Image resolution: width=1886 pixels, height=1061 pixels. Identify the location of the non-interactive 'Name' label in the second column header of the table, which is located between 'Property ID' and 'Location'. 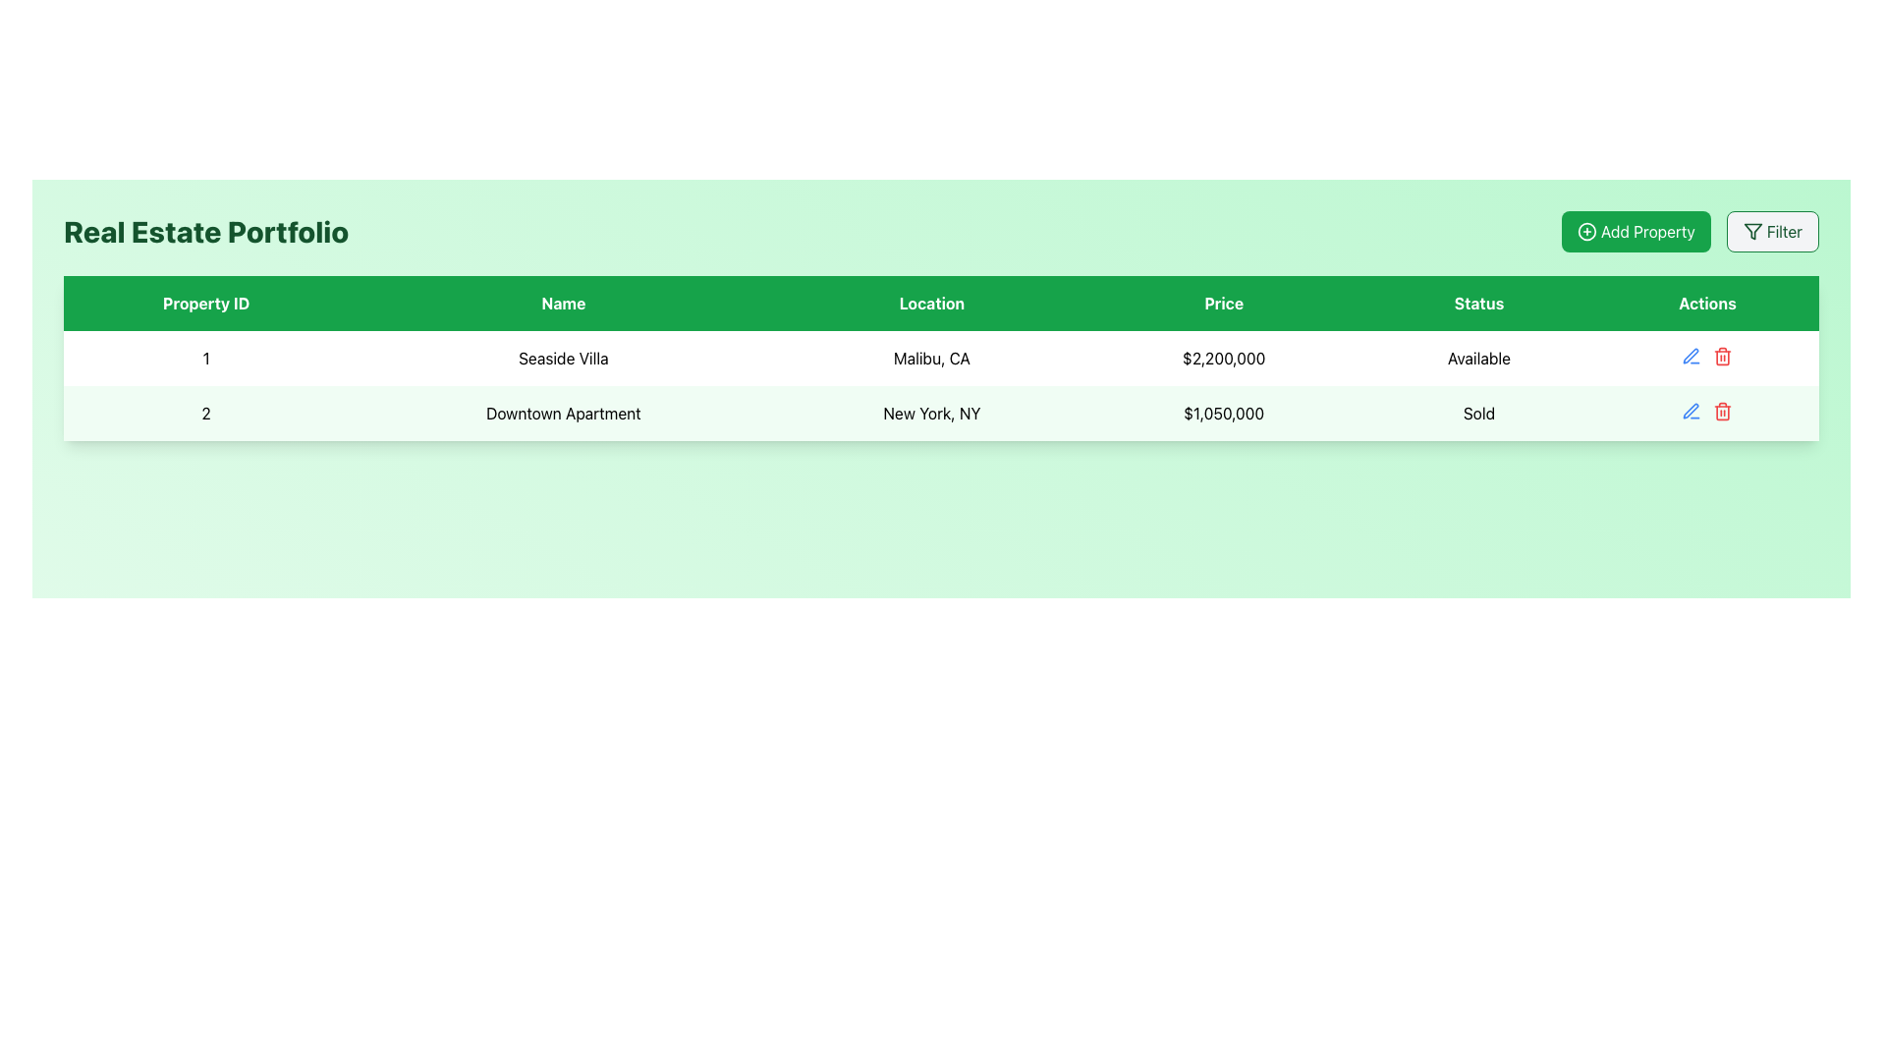
(562, 303).